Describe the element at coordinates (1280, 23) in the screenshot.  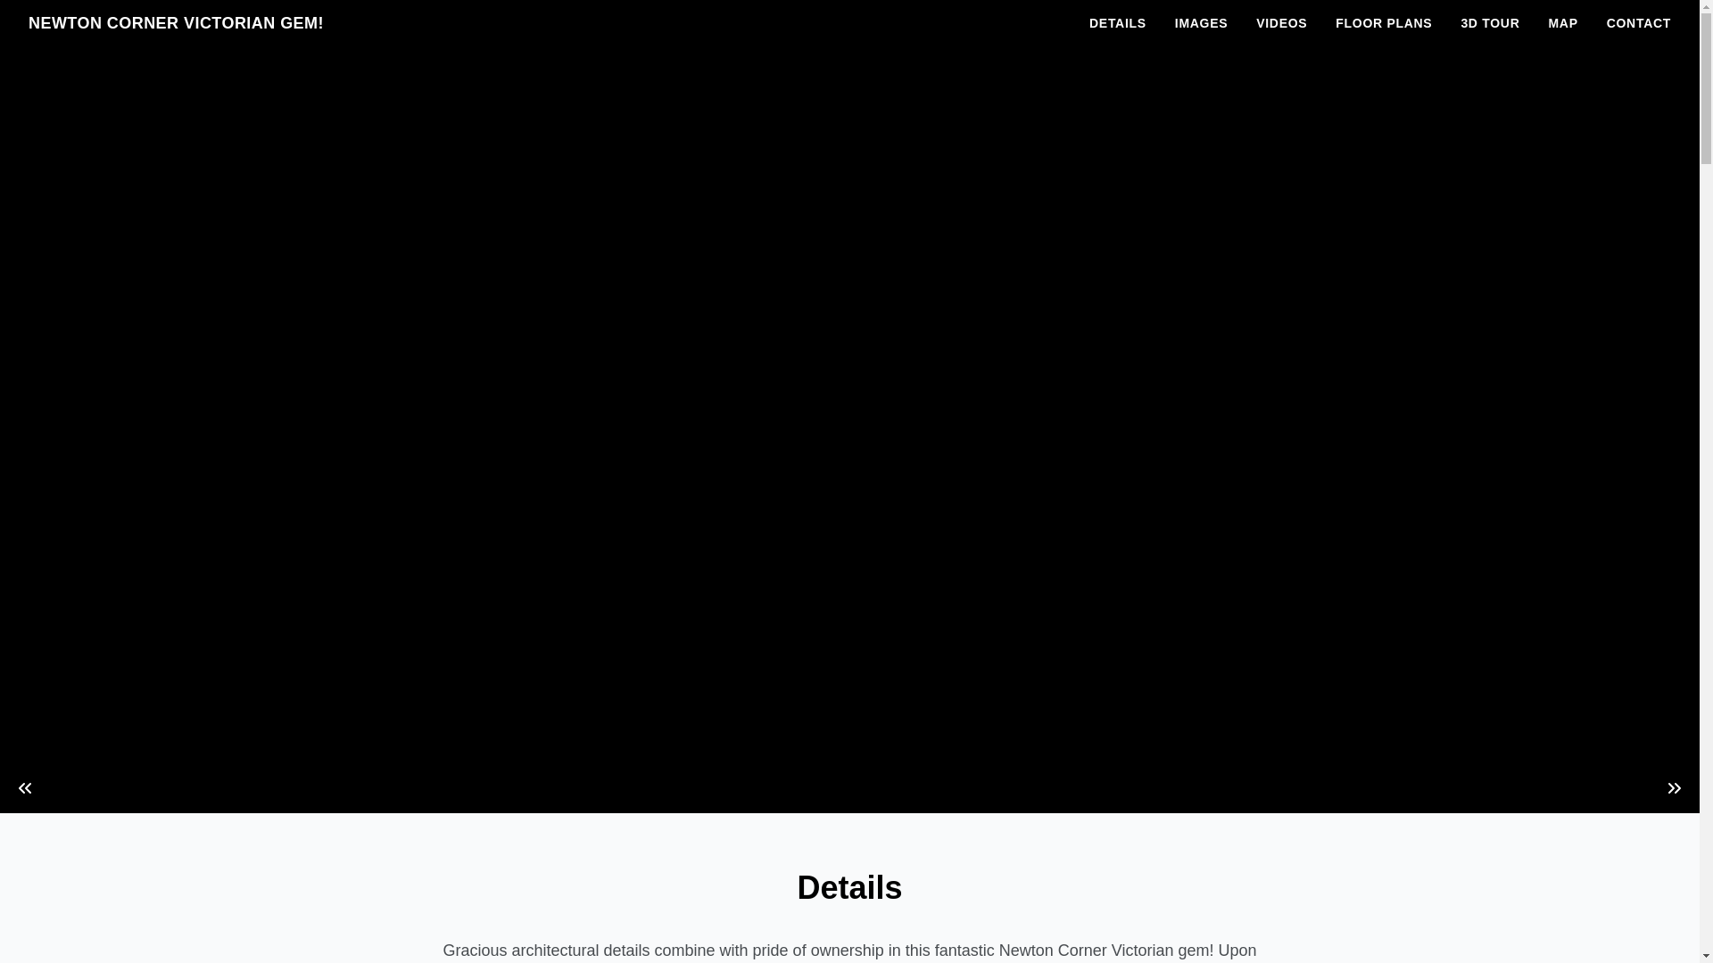
I see `'VIDEOS'` at that location.